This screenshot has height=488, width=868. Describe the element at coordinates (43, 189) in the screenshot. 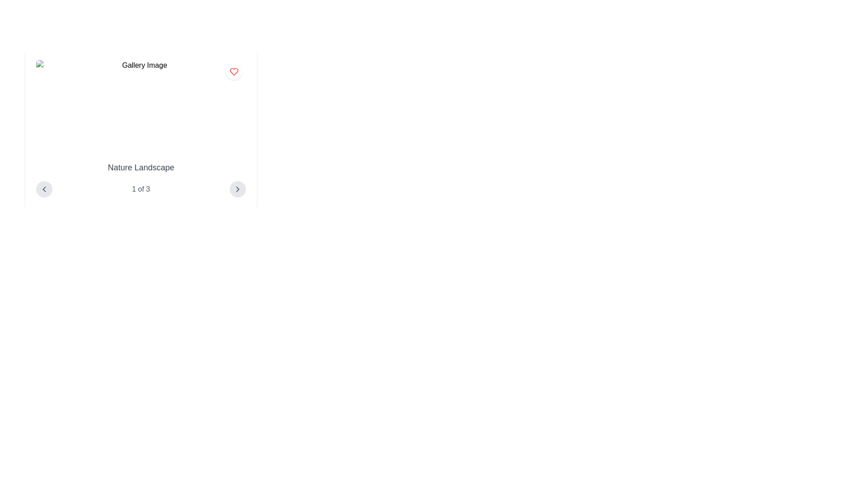

I see `the chevron arrow graphic inside the SVG element` at that location.